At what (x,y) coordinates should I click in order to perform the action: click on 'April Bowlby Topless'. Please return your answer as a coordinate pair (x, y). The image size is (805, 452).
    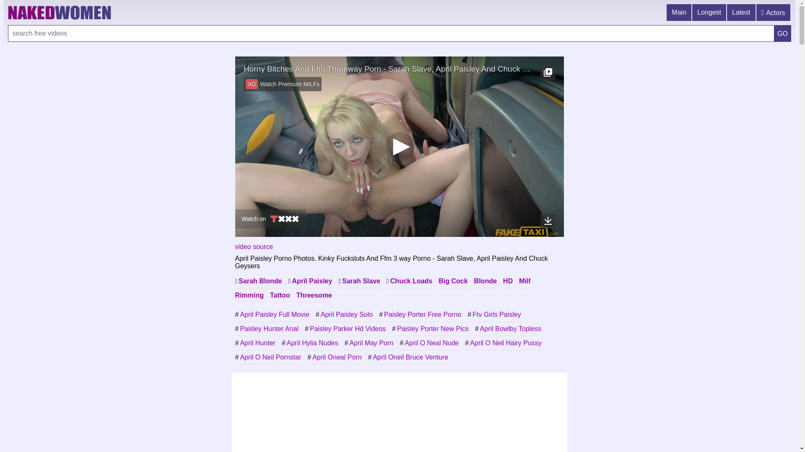
    Looking at the image, I should click on (475, 329).